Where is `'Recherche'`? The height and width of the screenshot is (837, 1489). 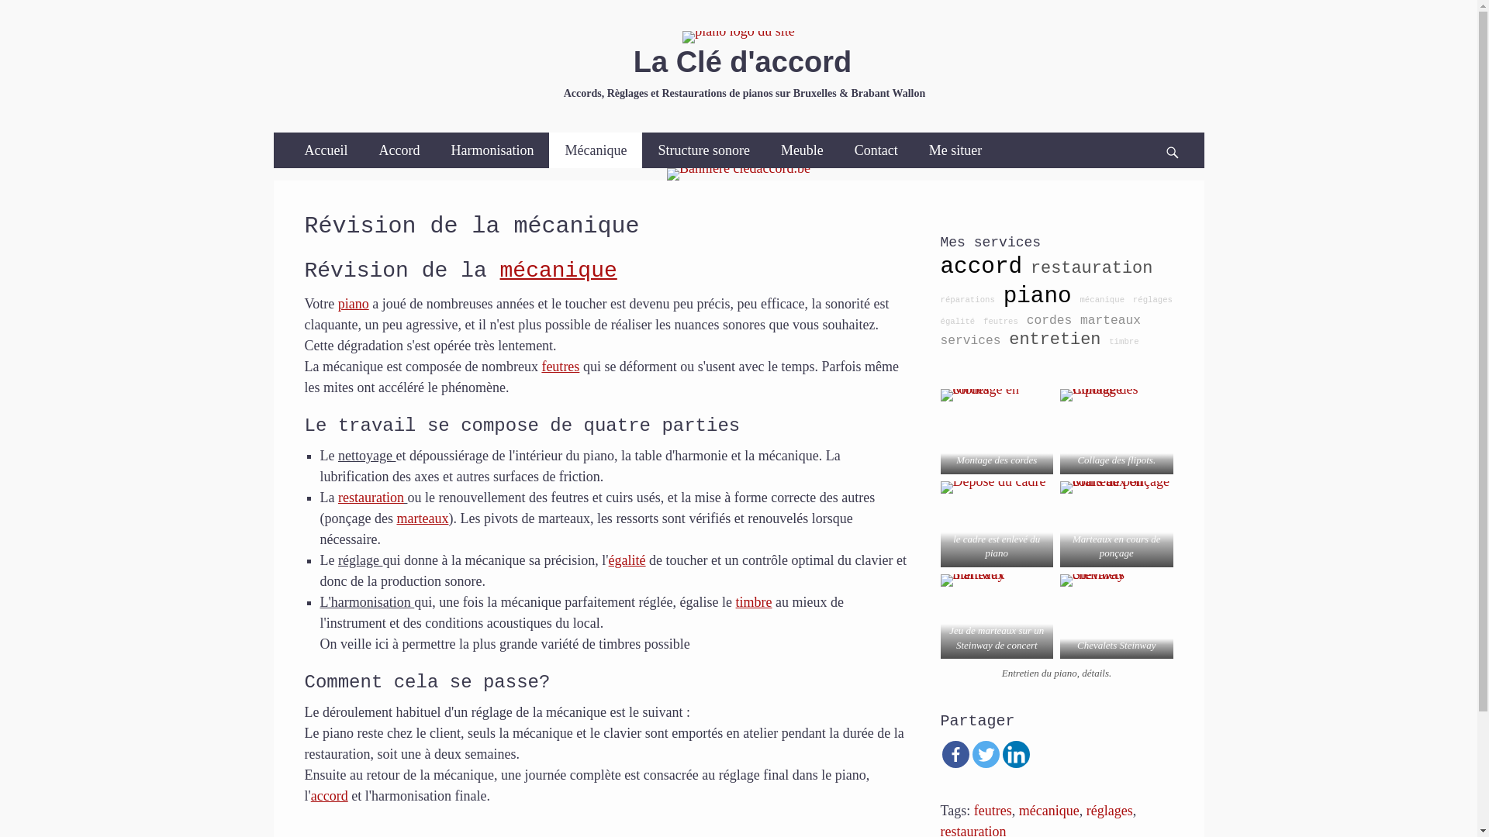 'Recherche' is located at coordinates (1179, 131).